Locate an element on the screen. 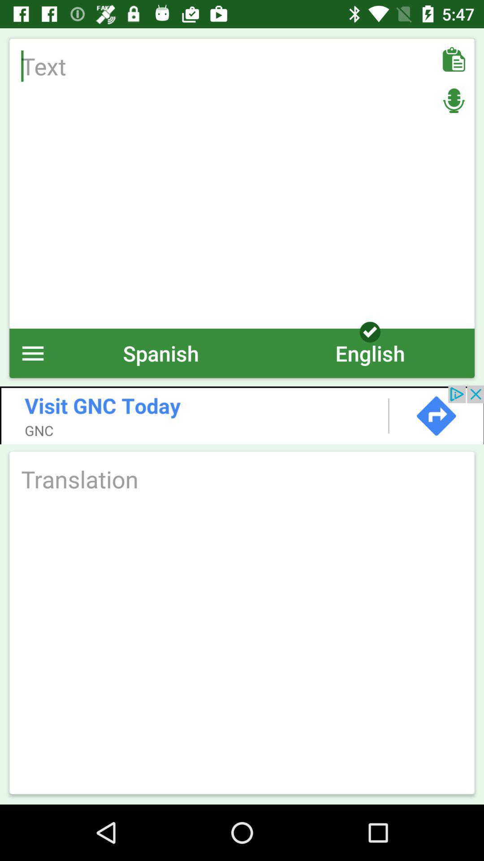 Image resolution: width=484 pixels, height=861 pixels. paste text is located at coordinates (454, 59).